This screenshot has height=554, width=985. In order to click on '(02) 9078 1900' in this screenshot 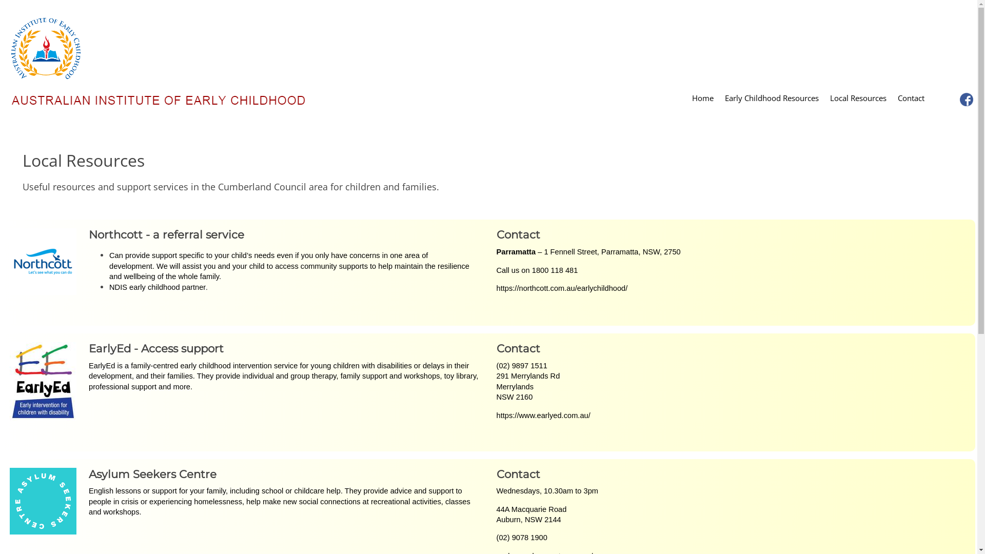, I will do `click(497, 537)`.